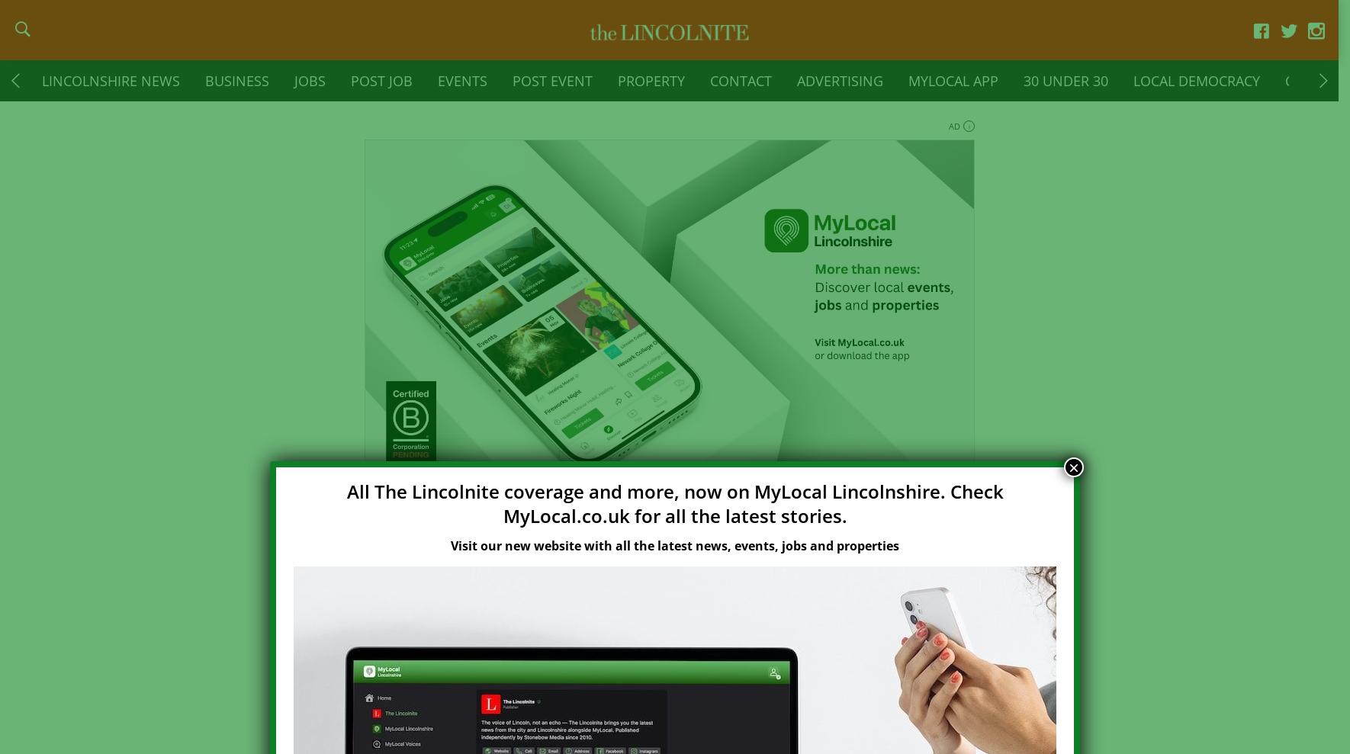  Describe the element at coordinates (908, 88) in the screenshot. I see `'MyLocal App'` at that location.